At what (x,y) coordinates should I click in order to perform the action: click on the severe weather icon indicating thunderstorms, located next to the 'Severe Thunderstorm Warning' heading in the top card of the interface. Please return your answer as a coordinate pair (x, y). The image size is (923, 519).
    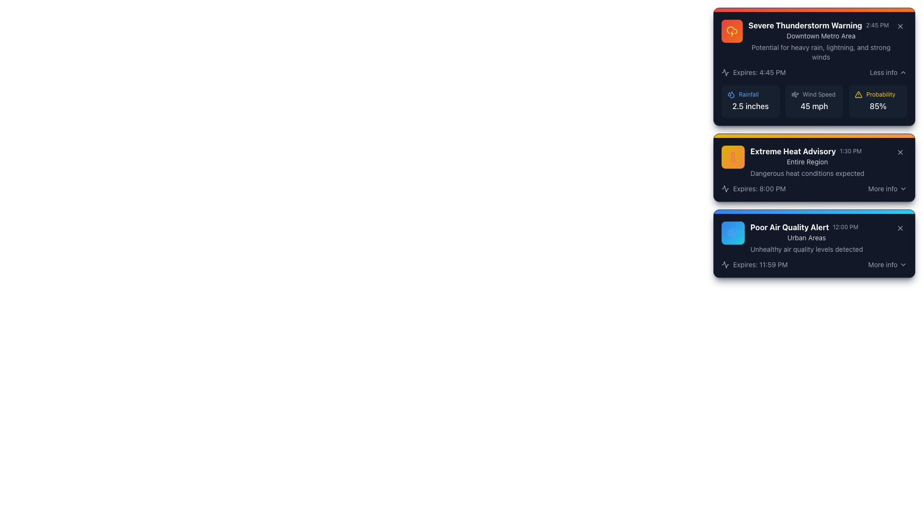
    Looking at the image, I should click on (731, 29).